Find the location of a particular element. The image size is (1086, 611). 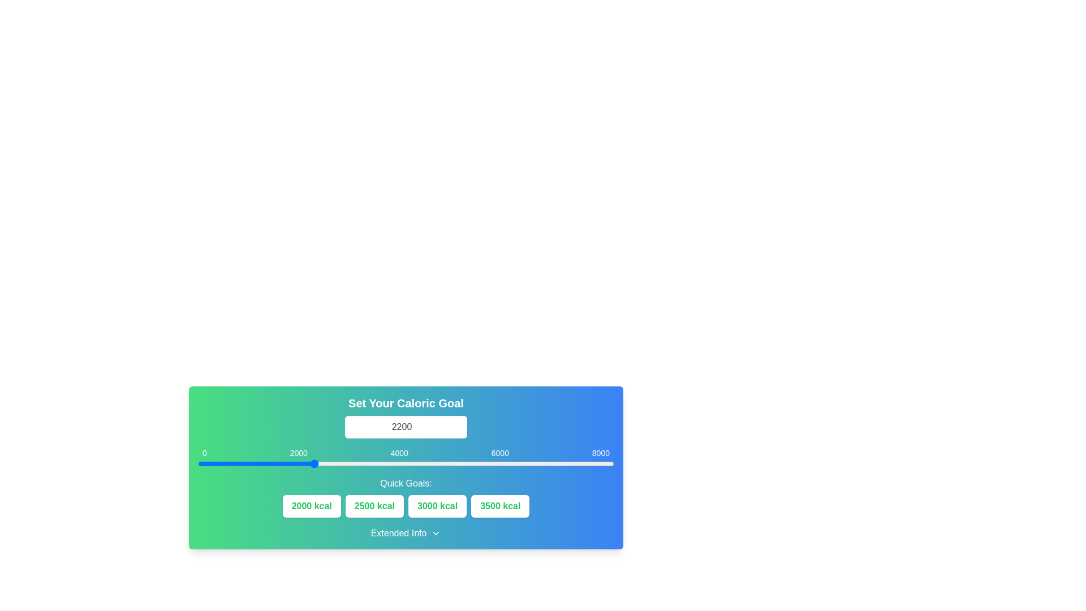

the horizontal range slider with a blue track, currently set to approximately 2200 is located at coordinates (406, 460).